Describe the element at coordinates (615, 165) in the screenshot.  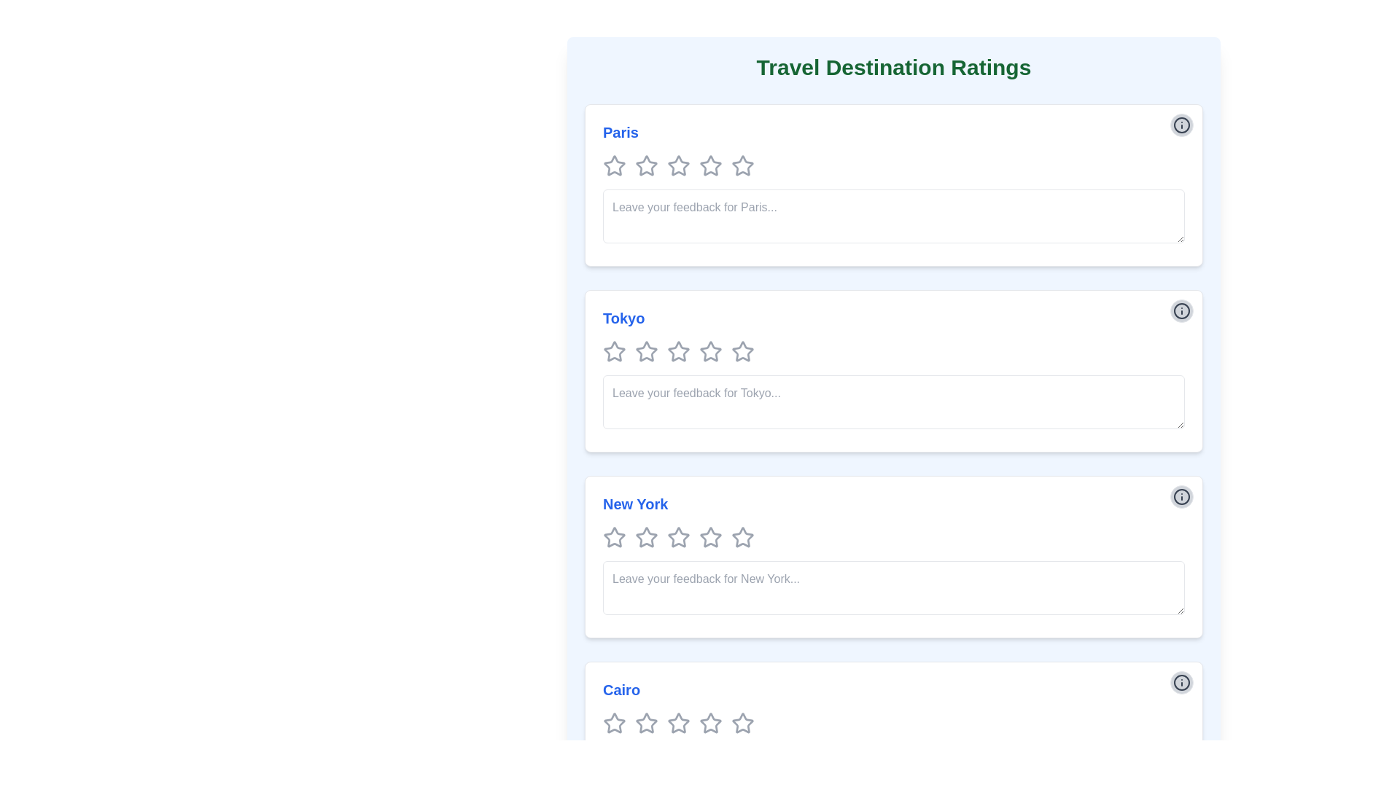
I see `the first star in the horizontal row of five stars under the heading 'Paris'` at that location.